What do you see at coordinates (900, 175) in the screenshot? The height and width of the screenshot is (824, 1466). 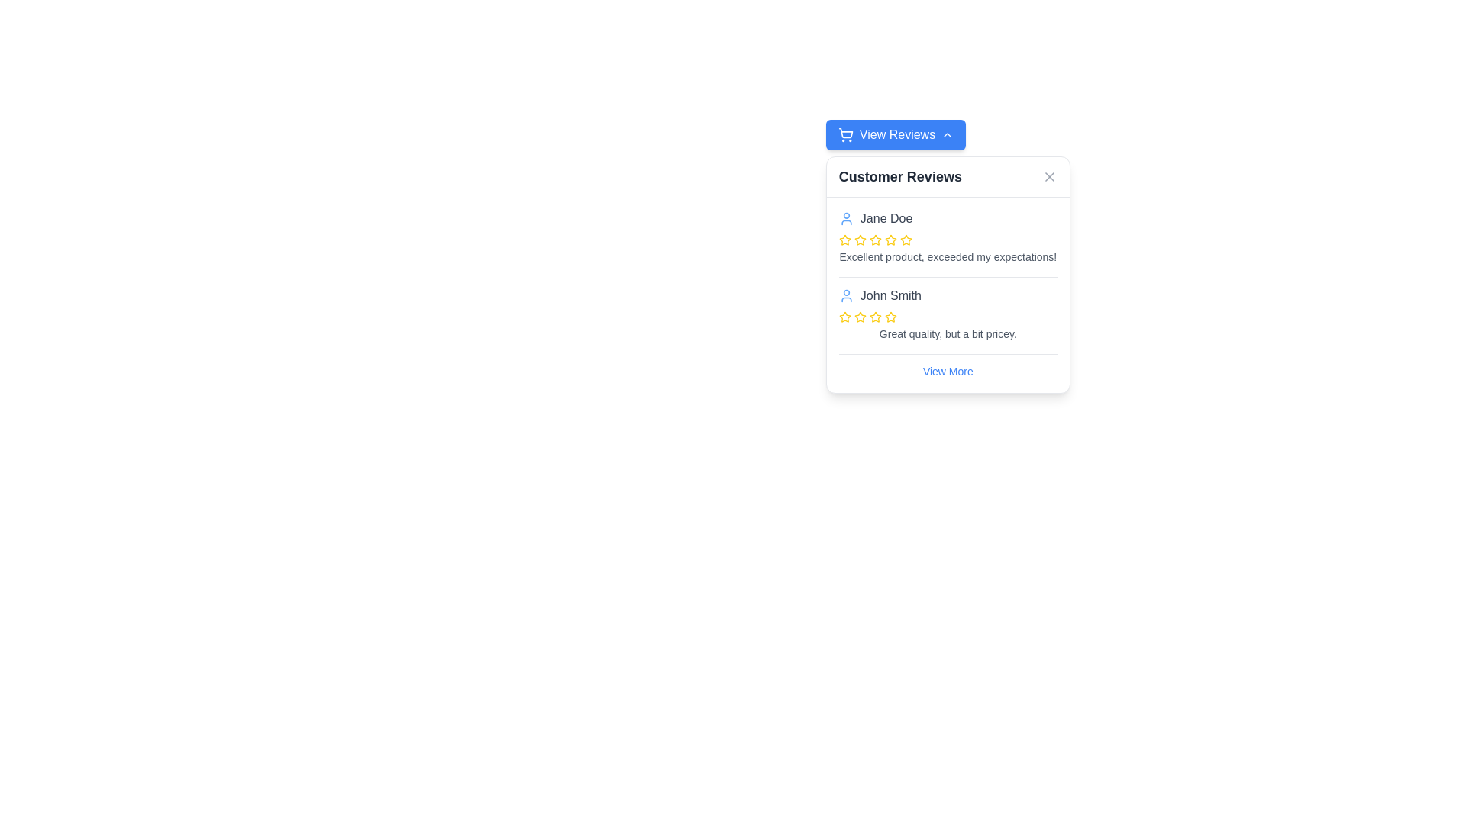 I see `the static text label that titles the customer reviews section in the popup review card` at bounding box center [900, 175].